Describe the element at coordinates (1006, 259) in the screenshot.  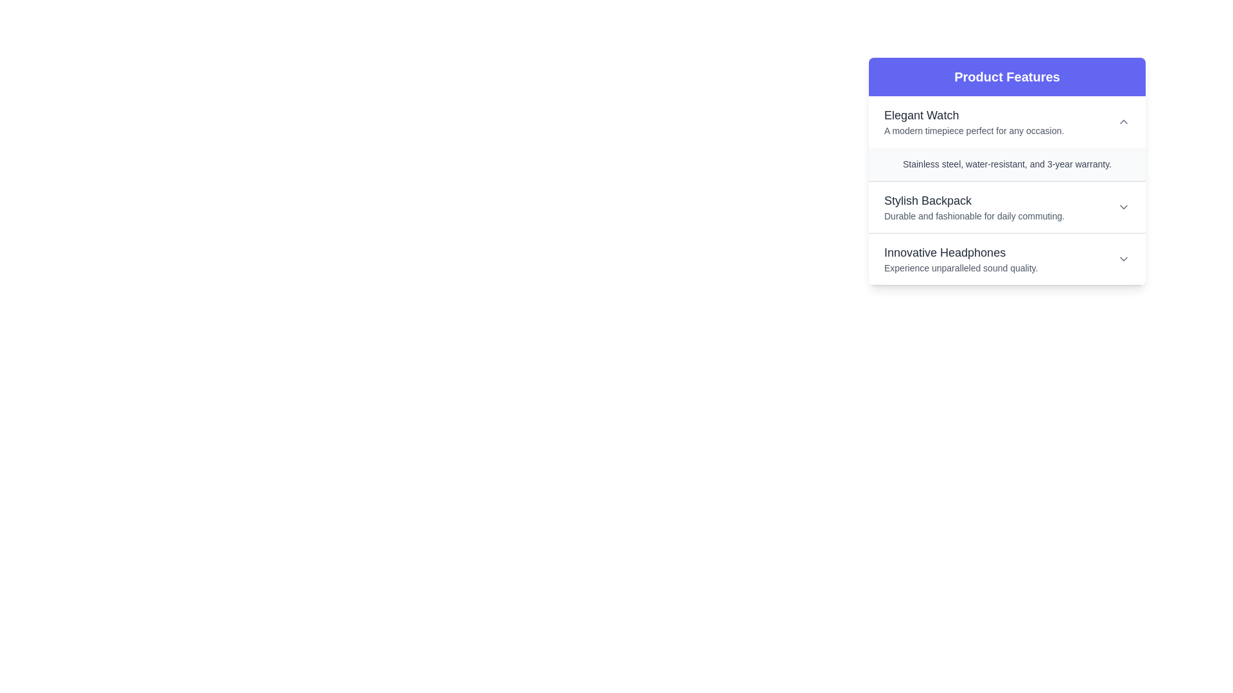
I see `the third item in the 'Product Features' section, which represents 'Innovative Headphones'` at that location.